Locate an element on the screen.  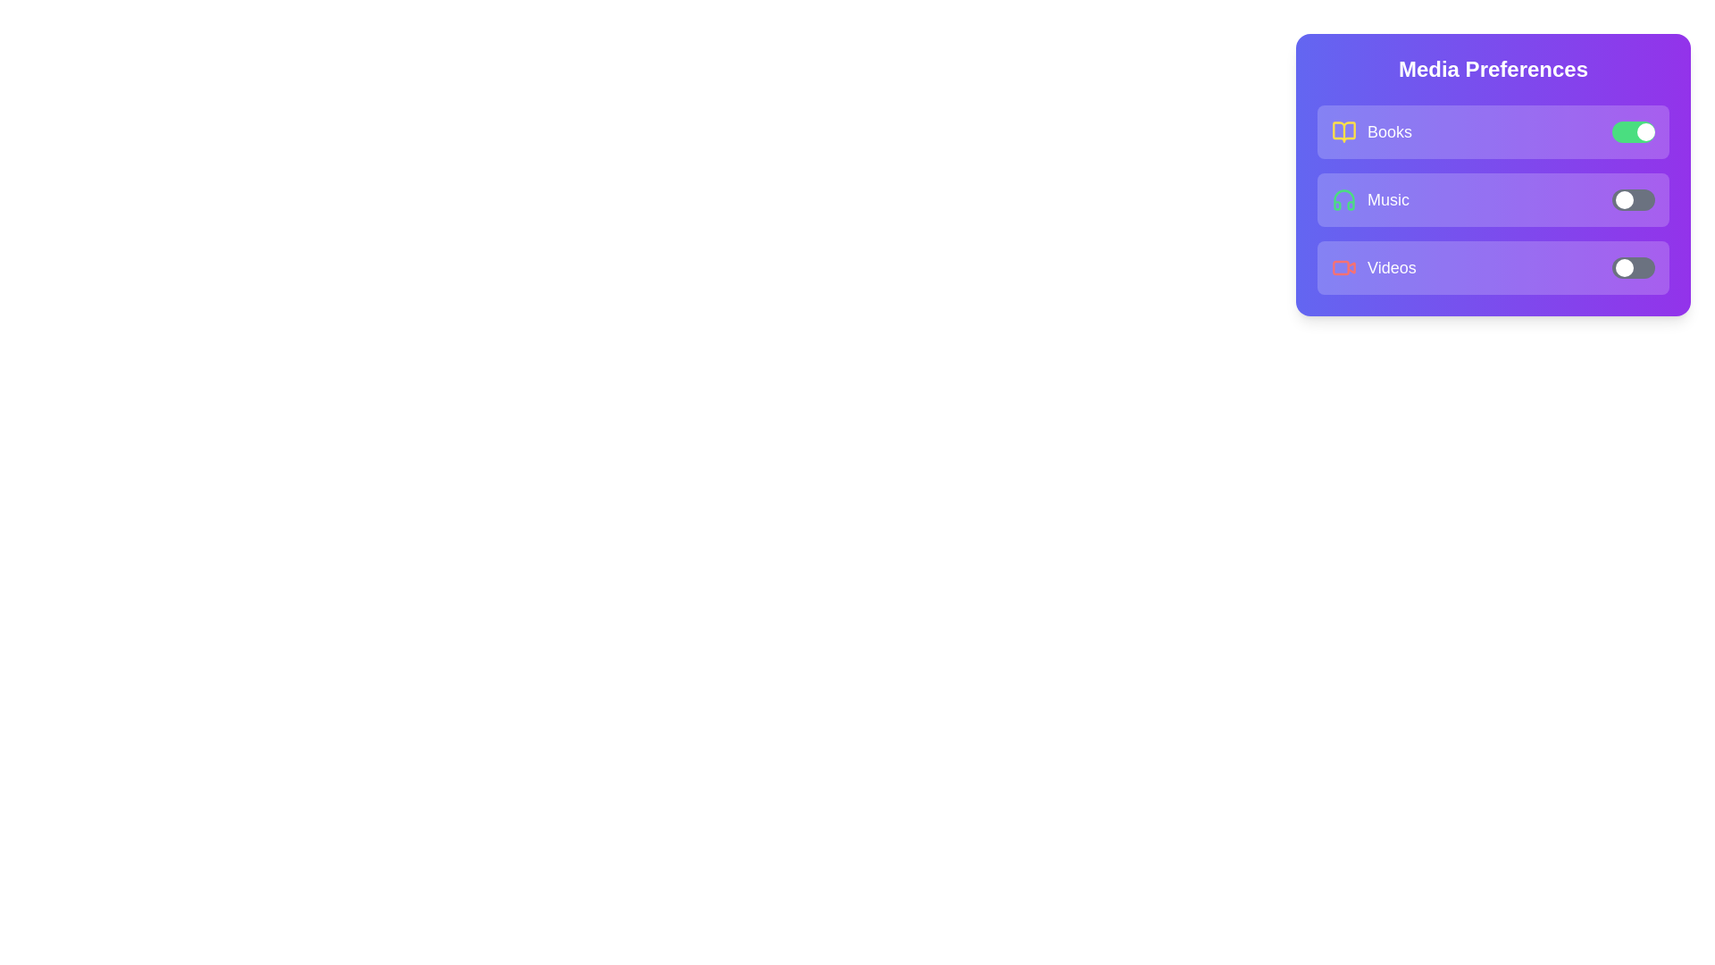
the 'Music' icon located on the purple 'Media Preferences' card, which is the second icon in the list of media types between 'Books' and 'Videos' is located at coordinates (1344, 199).